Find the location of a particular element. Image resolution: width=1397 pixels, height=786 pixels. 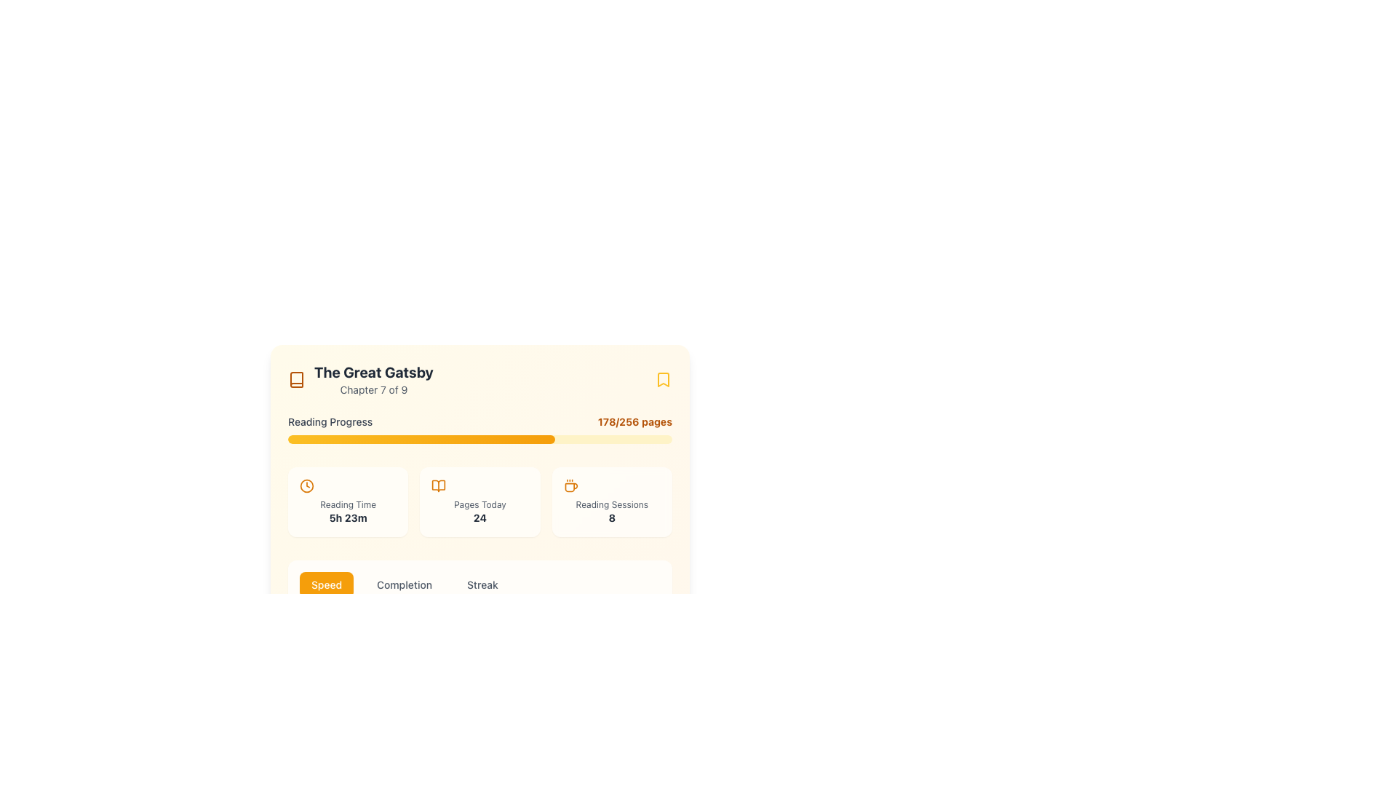

the yellow bookmark icon located at the top-right corner of the interface is located at coordinates (663, 378).